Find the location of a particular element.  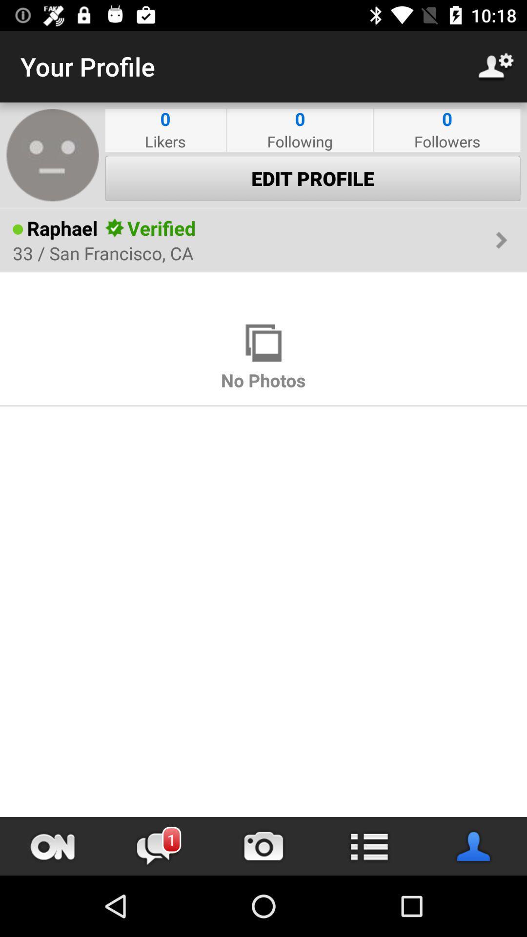

camera is located at coordinates (263, 846).